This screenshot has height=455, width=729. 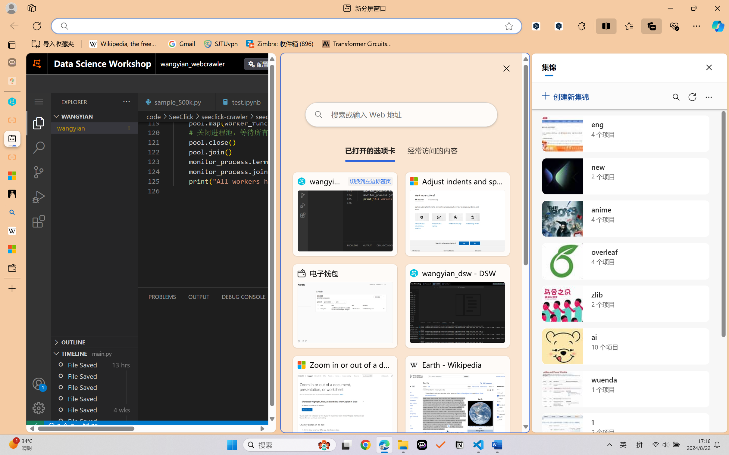 What do you see at coordinates (34, 426) in the screenshot?
I see `'remote'` at bounding box center [34, 426].